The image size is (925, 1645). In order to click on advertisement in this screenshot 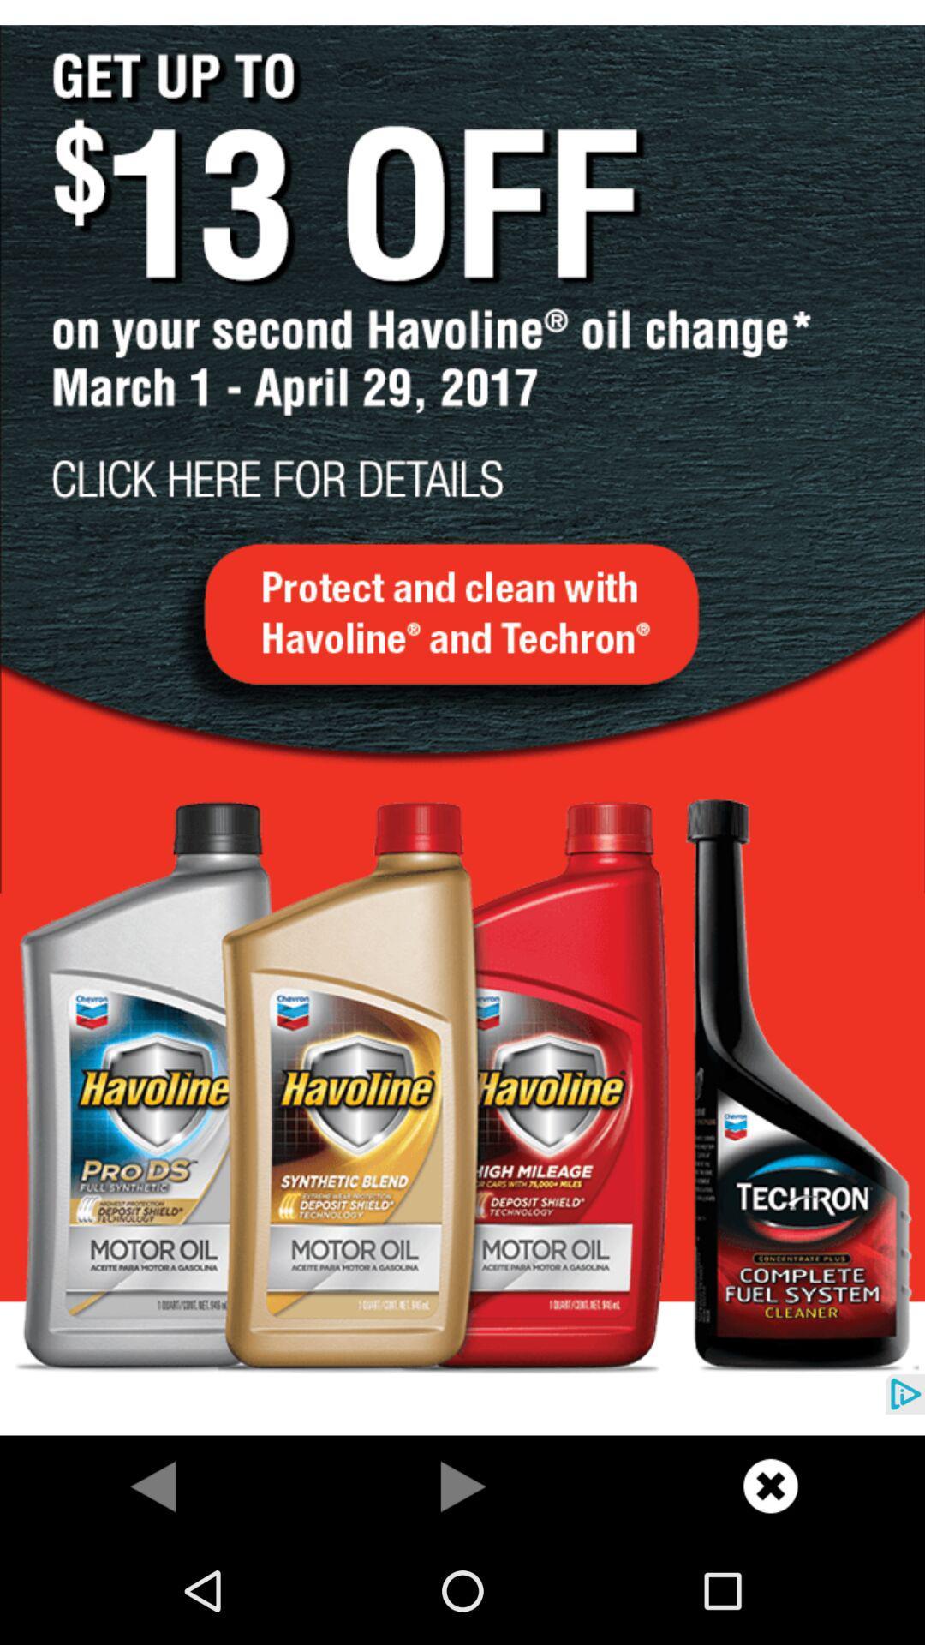, I will do `click(462, 717)`.